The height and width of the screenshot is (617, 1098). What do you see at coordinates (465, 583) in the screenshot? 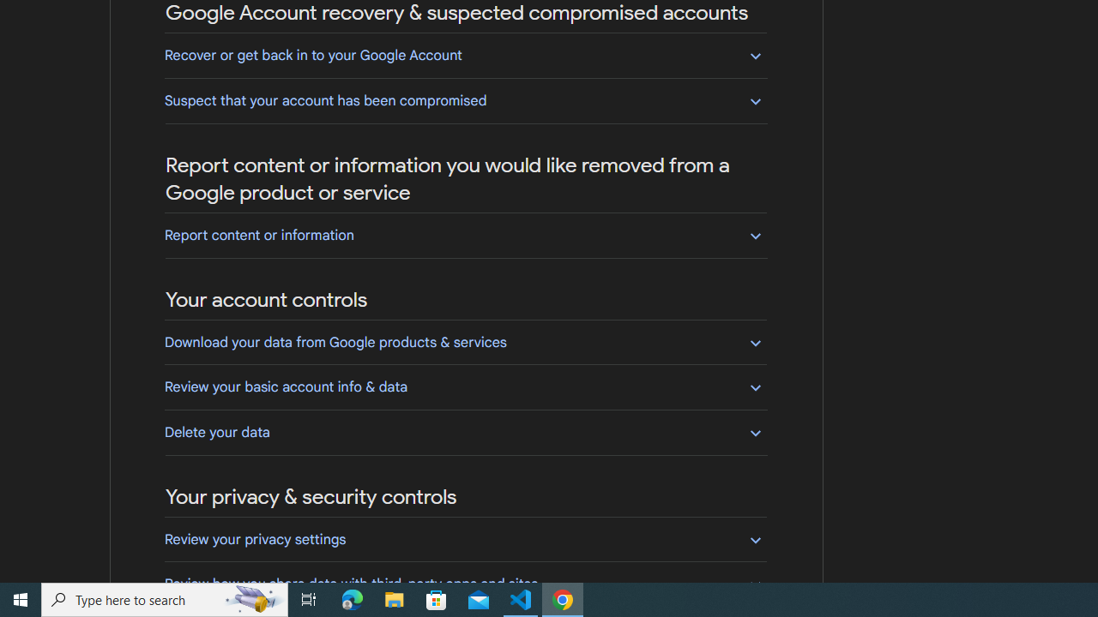
I see `'Review how you share data with third-party apps and sites'` at bounding box center [465, 583].